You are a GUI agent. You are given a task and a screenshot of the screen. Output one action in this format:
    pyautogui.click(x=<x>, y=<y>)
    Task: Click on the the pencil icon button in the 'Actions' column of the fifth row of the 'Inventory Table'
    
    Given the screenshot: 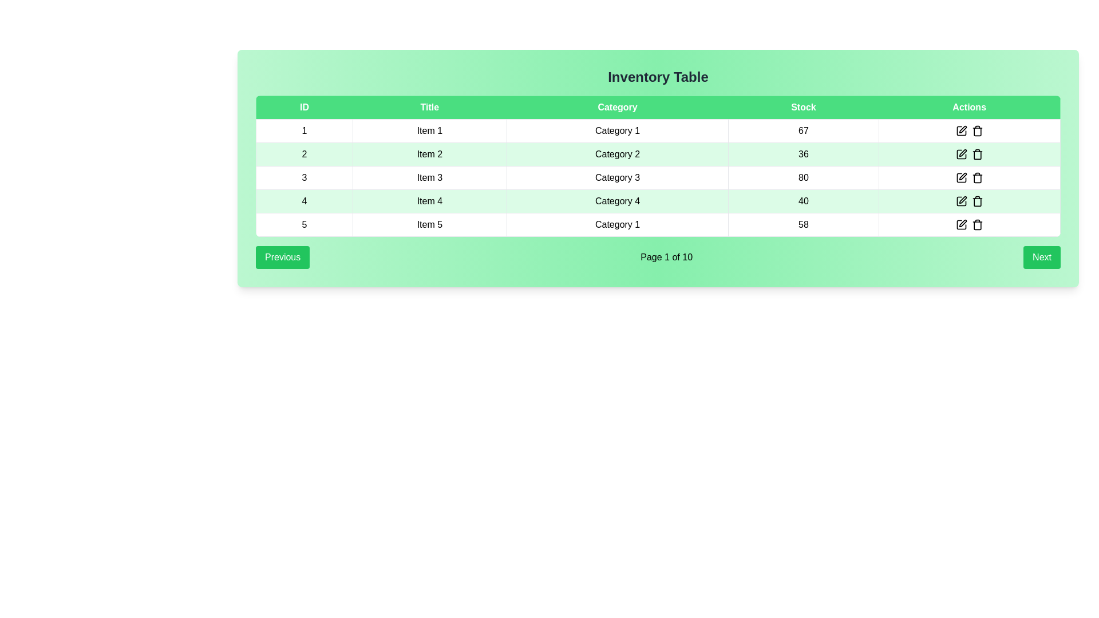 What is the action you would take?
    pyautogui.click(x=962, y=225)
    